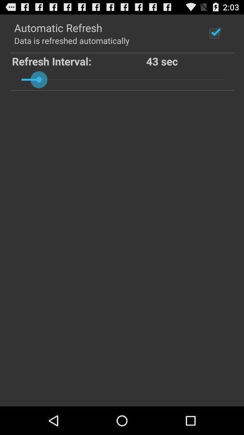 This screenshot has width=244, height=435. Describe the element at coordinates (79, 60) in the screenshot. I see `icon to the left of 43 sec icon` at that location.